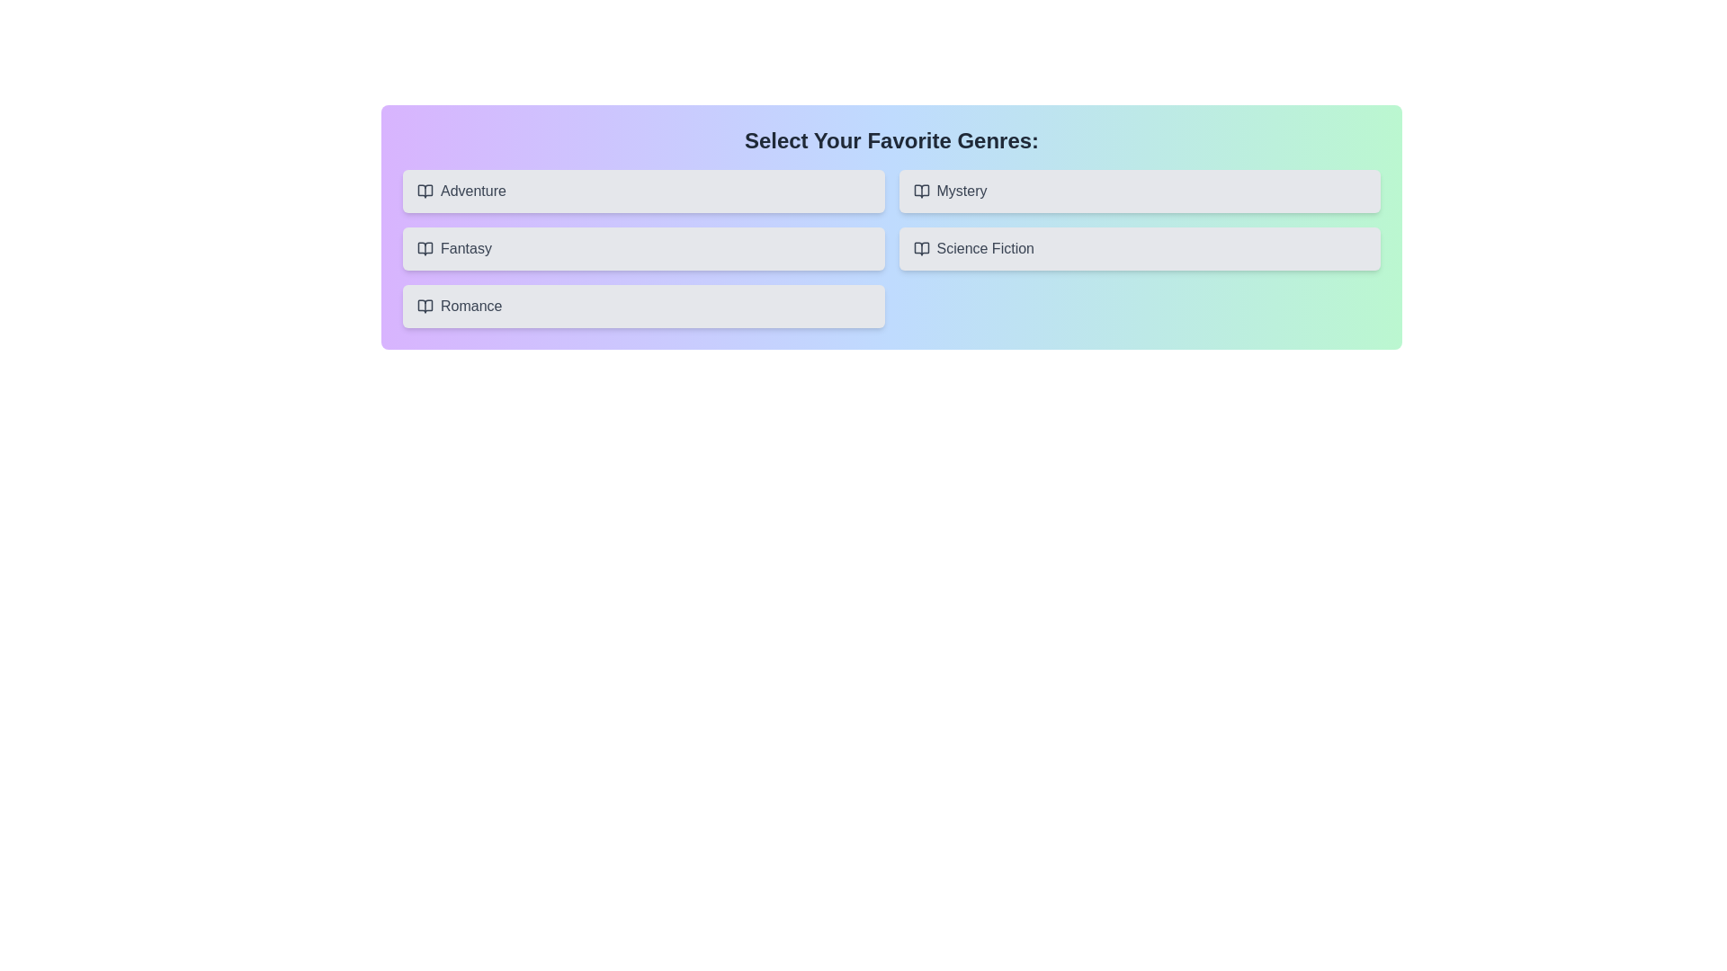  I want to click on the button corresponding to the genre Science Fiction, so click(1139, 249).